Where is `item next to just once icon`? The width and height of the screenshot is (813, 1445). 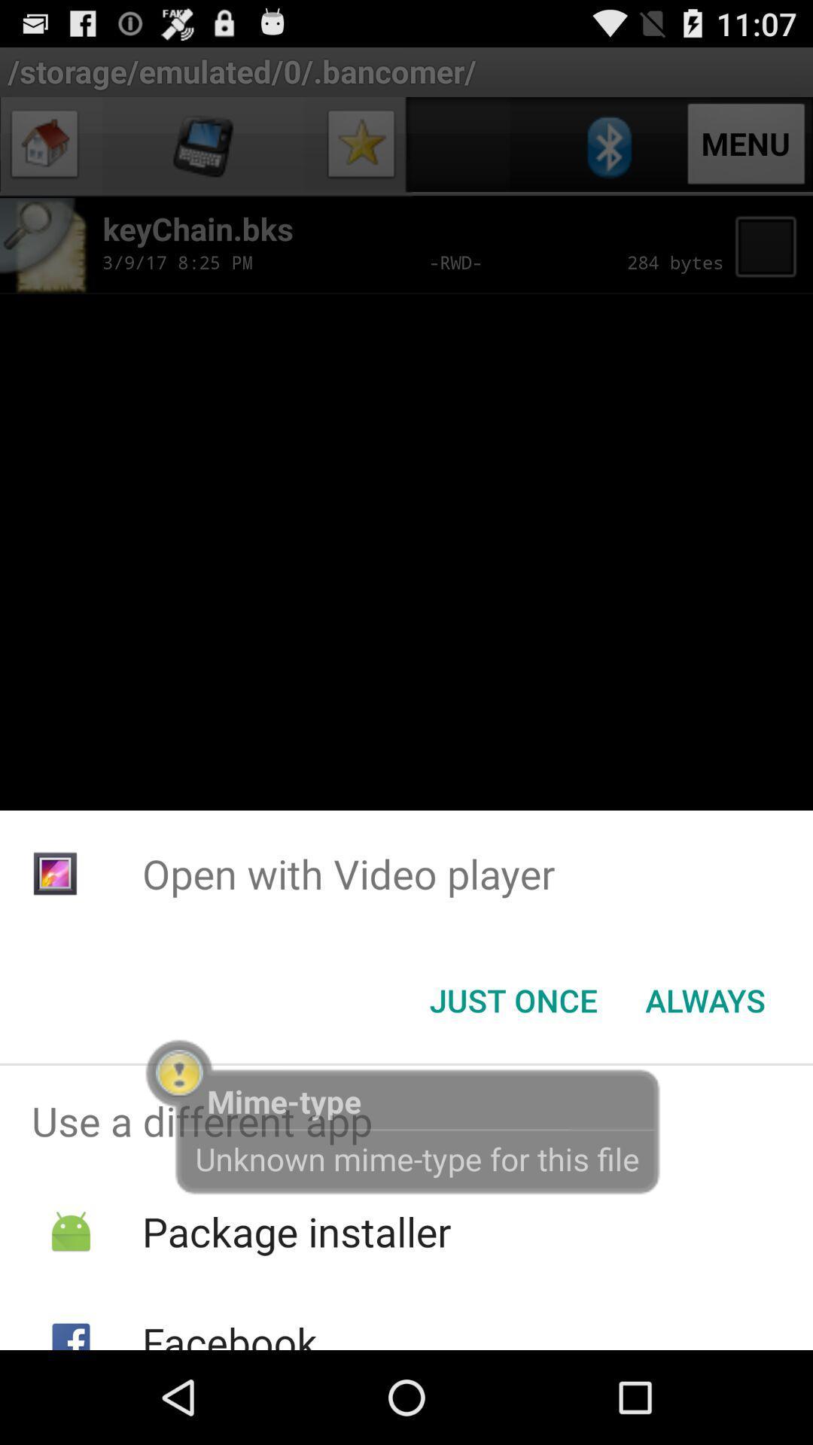 item next to just once icon is located at coordinates (705, 1000).